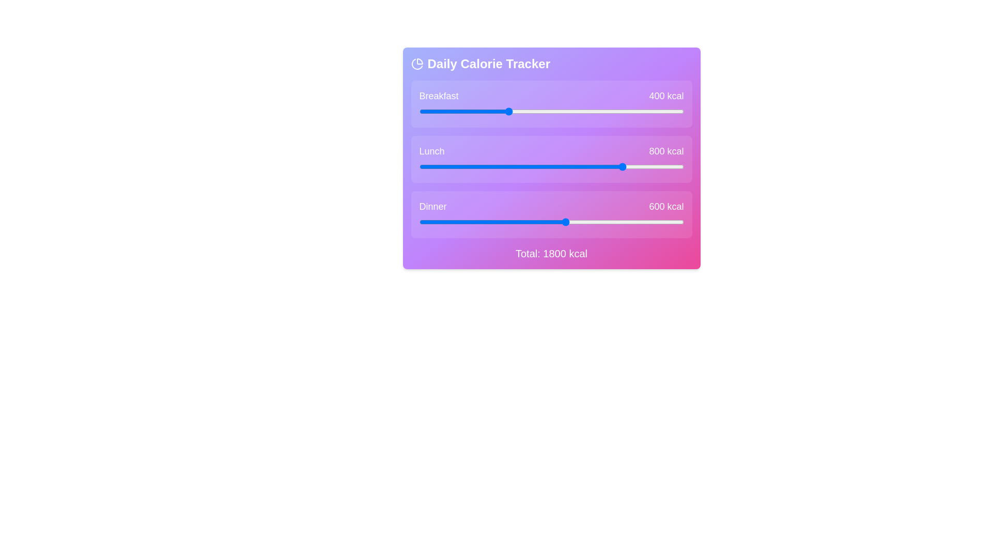 The height and width of the screenshot is (558, 992). What do you see at coordinates (460, 221) in the screenshot?
I see `the dinner calorie value` at bounding box center [460, 221].